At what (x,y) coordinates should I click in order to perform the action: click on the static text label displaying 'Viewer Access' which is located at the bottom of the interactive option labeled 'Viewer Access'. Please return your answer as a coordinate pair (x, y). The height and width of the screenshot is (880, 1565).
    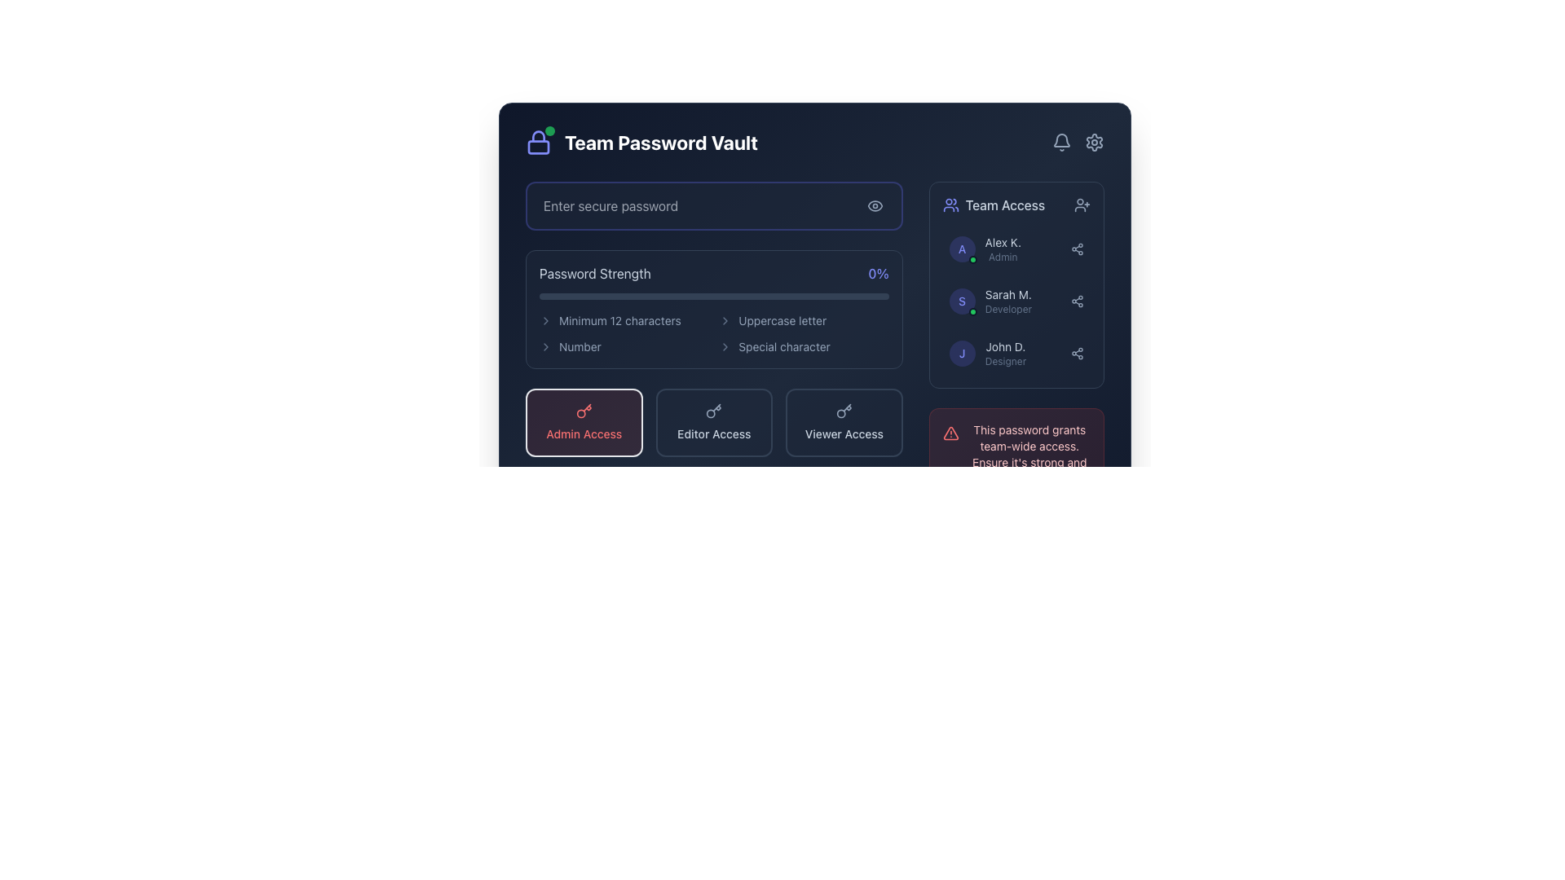
    Looking at the image, I should click on (844, 433).